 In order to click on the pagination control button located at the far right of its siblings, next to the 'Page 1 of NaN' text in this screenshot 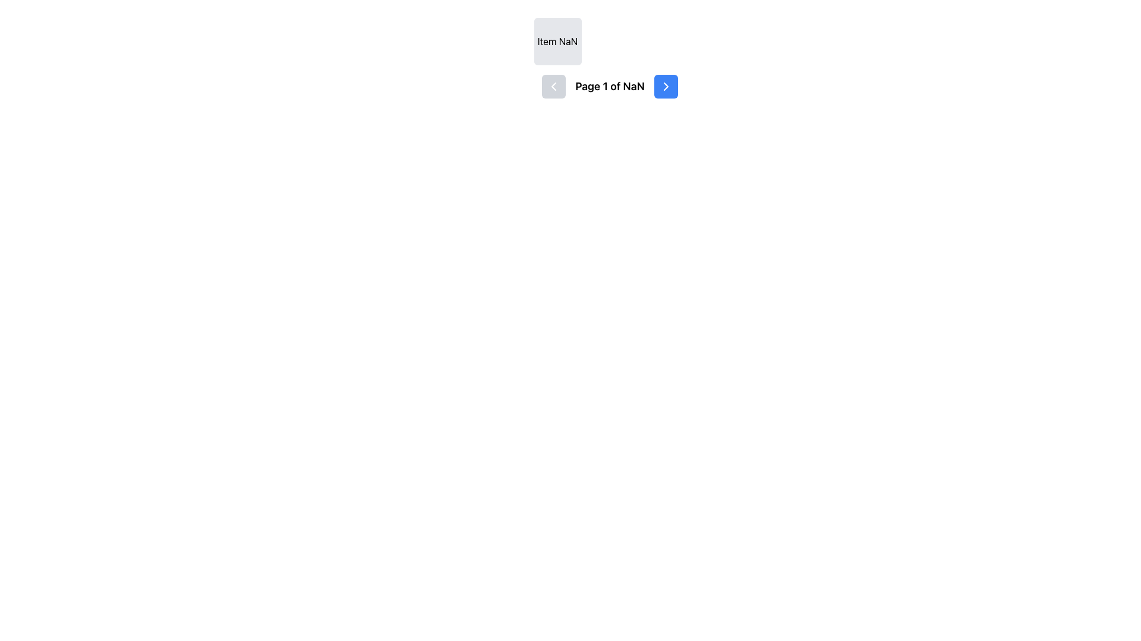, I will do `click(666, 86)`.